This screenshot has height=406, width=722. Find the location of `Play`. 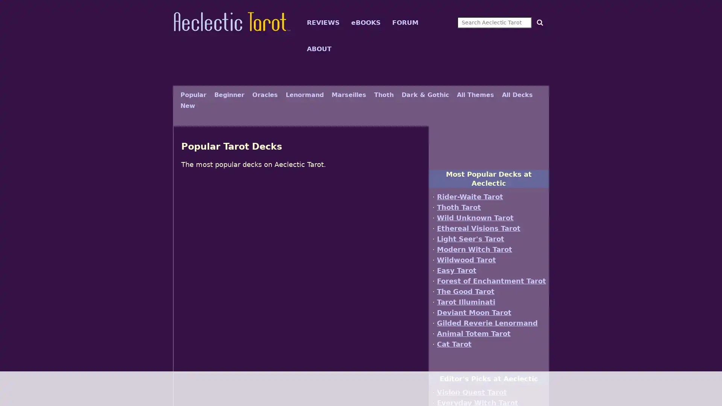

Play is located at coordinates (301, 244).